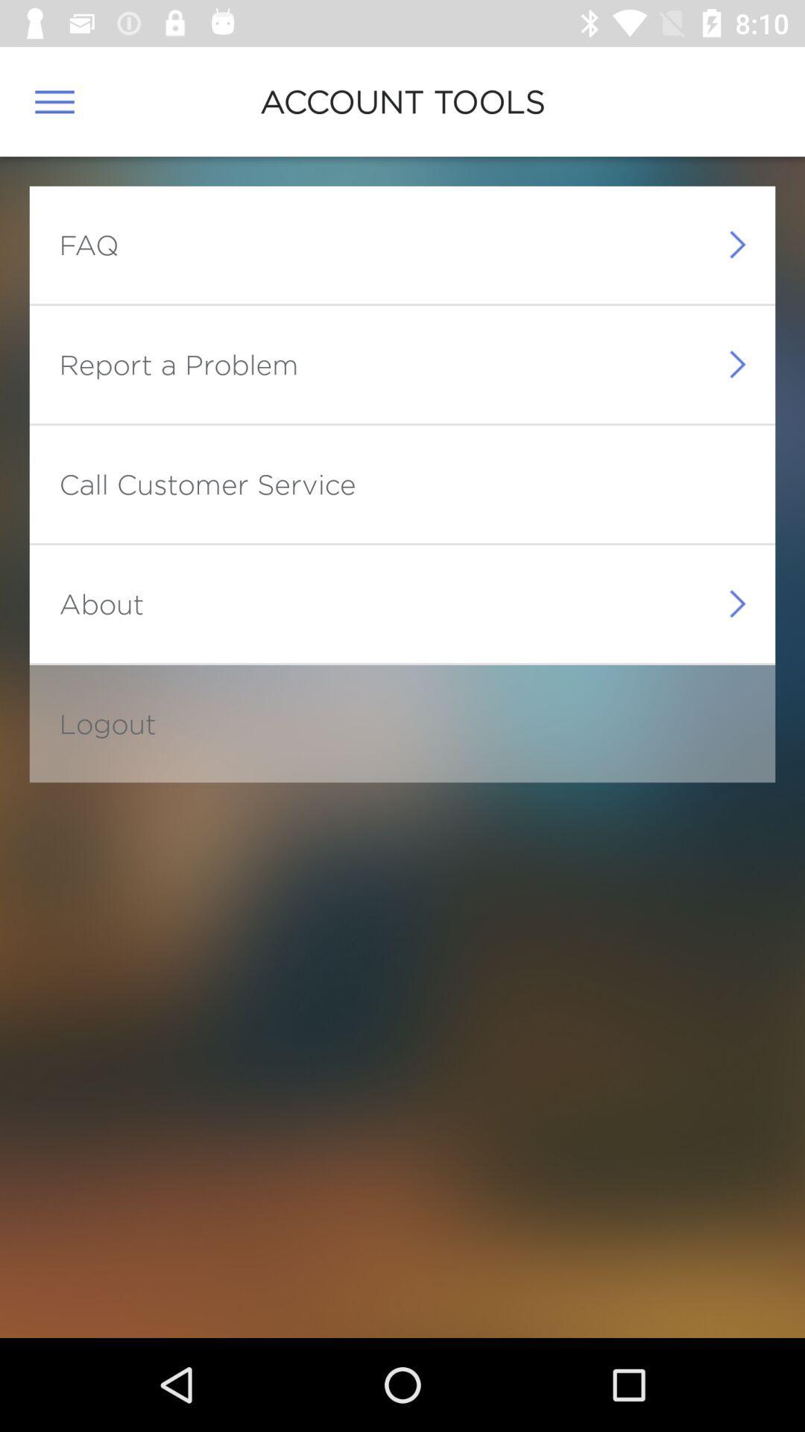  I want to click on the logout icon, so click(107, 723).